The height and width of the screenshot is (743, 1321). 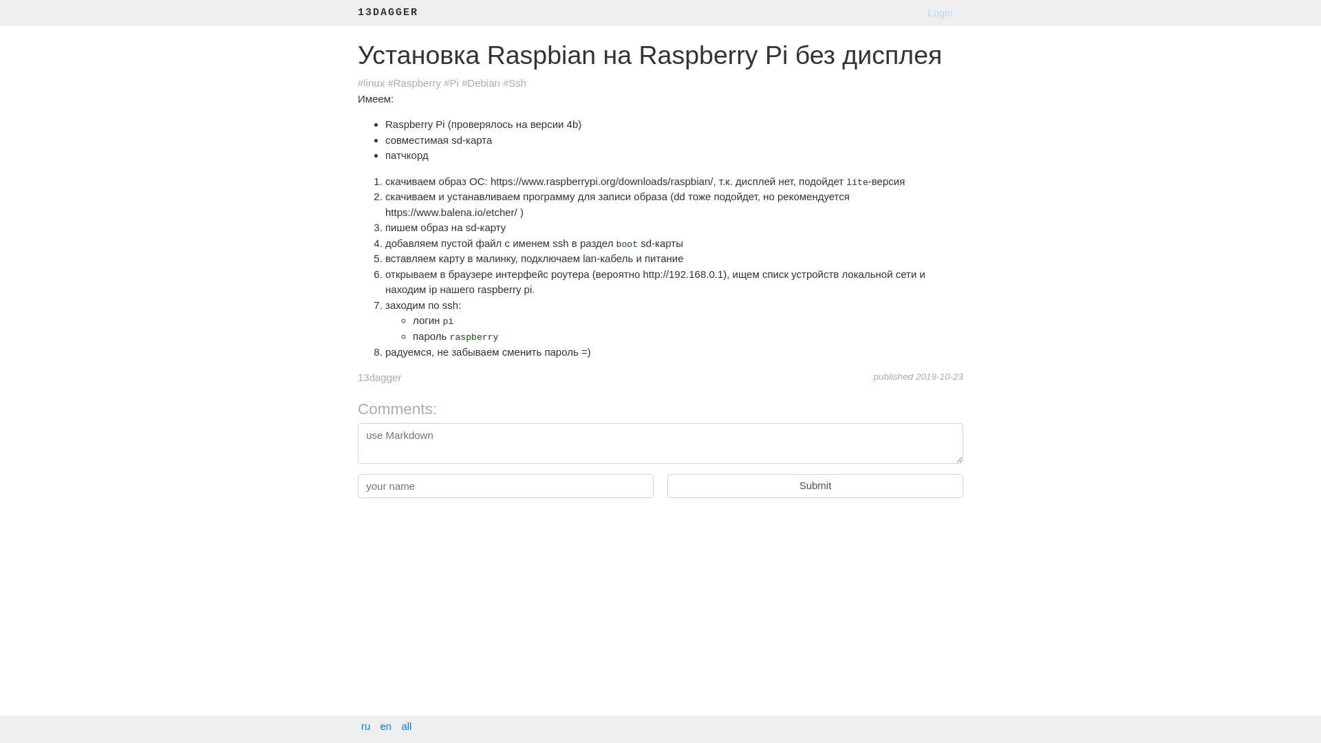 What do you see at coordinates (385, 726) in the screenshot?
I see `'en'` at bounding box center [385, 726].